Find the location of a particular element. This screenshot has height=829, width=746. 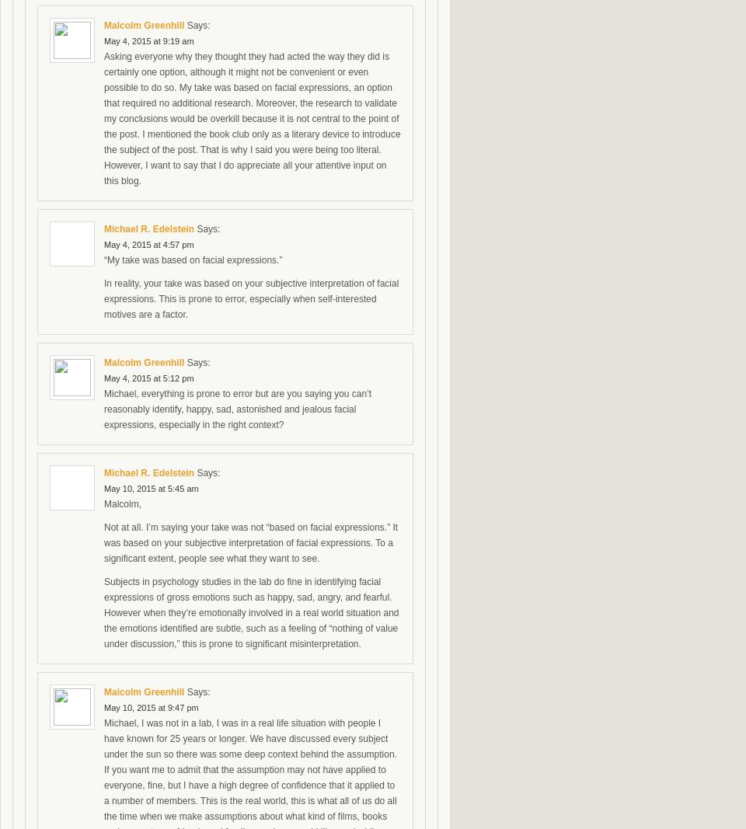

'Malcolm,' is located at coordinates (122, 503).